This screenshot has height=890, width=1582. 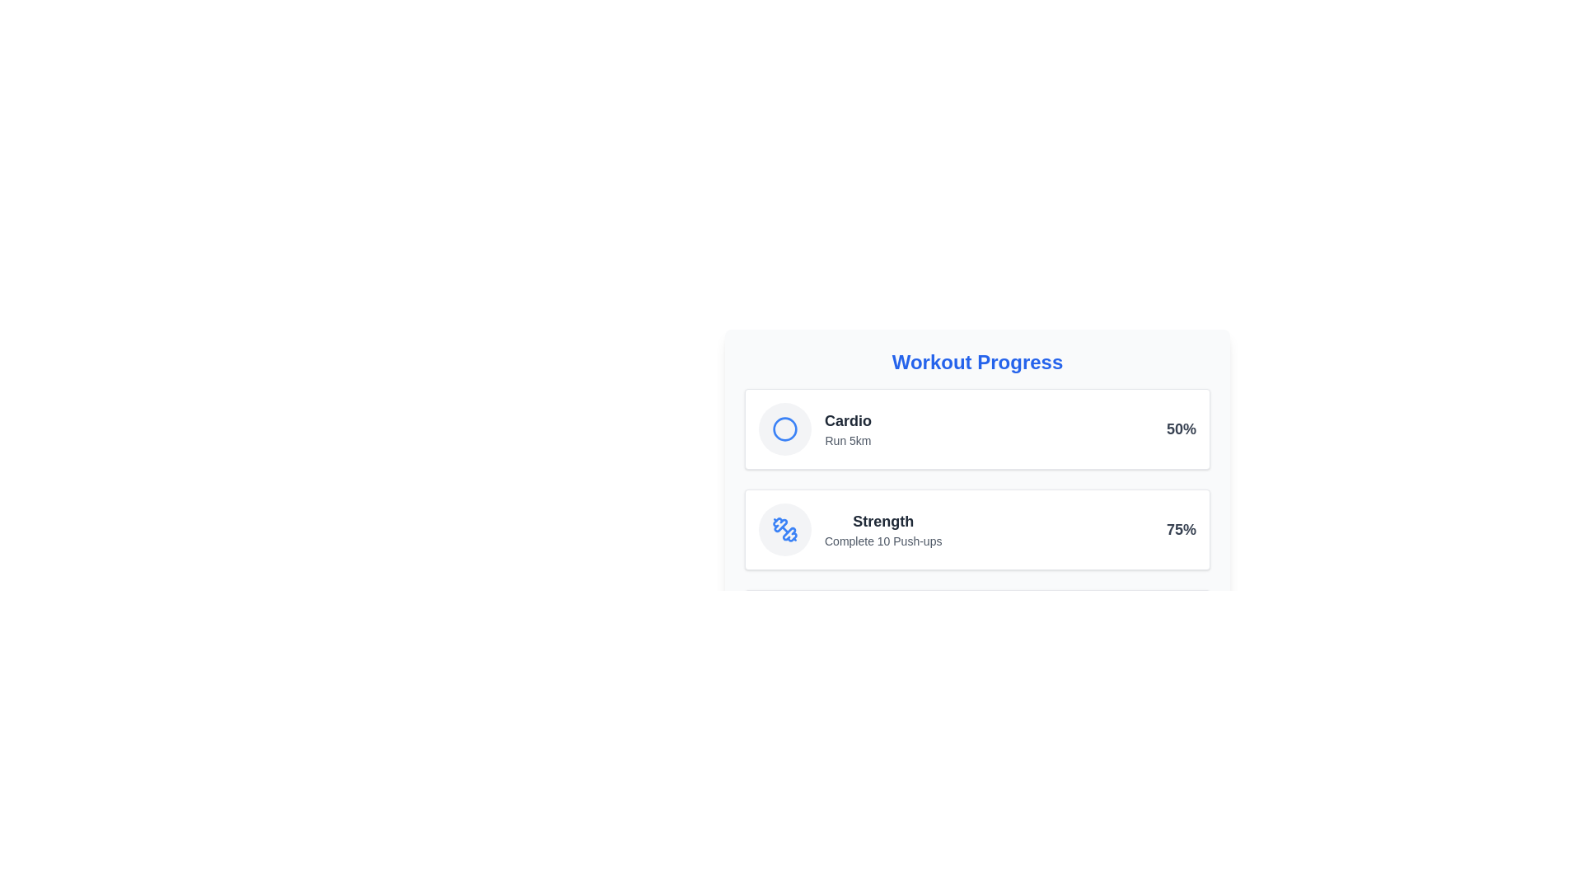 I want to click on the 'Strength' list item showing a progress of 75%, so click(x=977, y=530).